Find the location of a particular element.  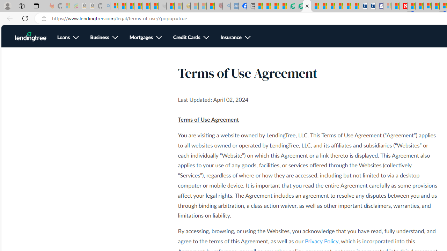

'LendingTree Homepage Logo' is located at coordinates (30, 37).